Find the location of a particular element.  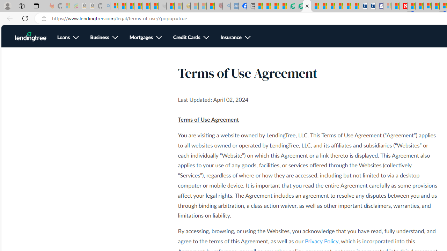

'LendingTree Homepage Logo' is located at coordinates (30, 37).